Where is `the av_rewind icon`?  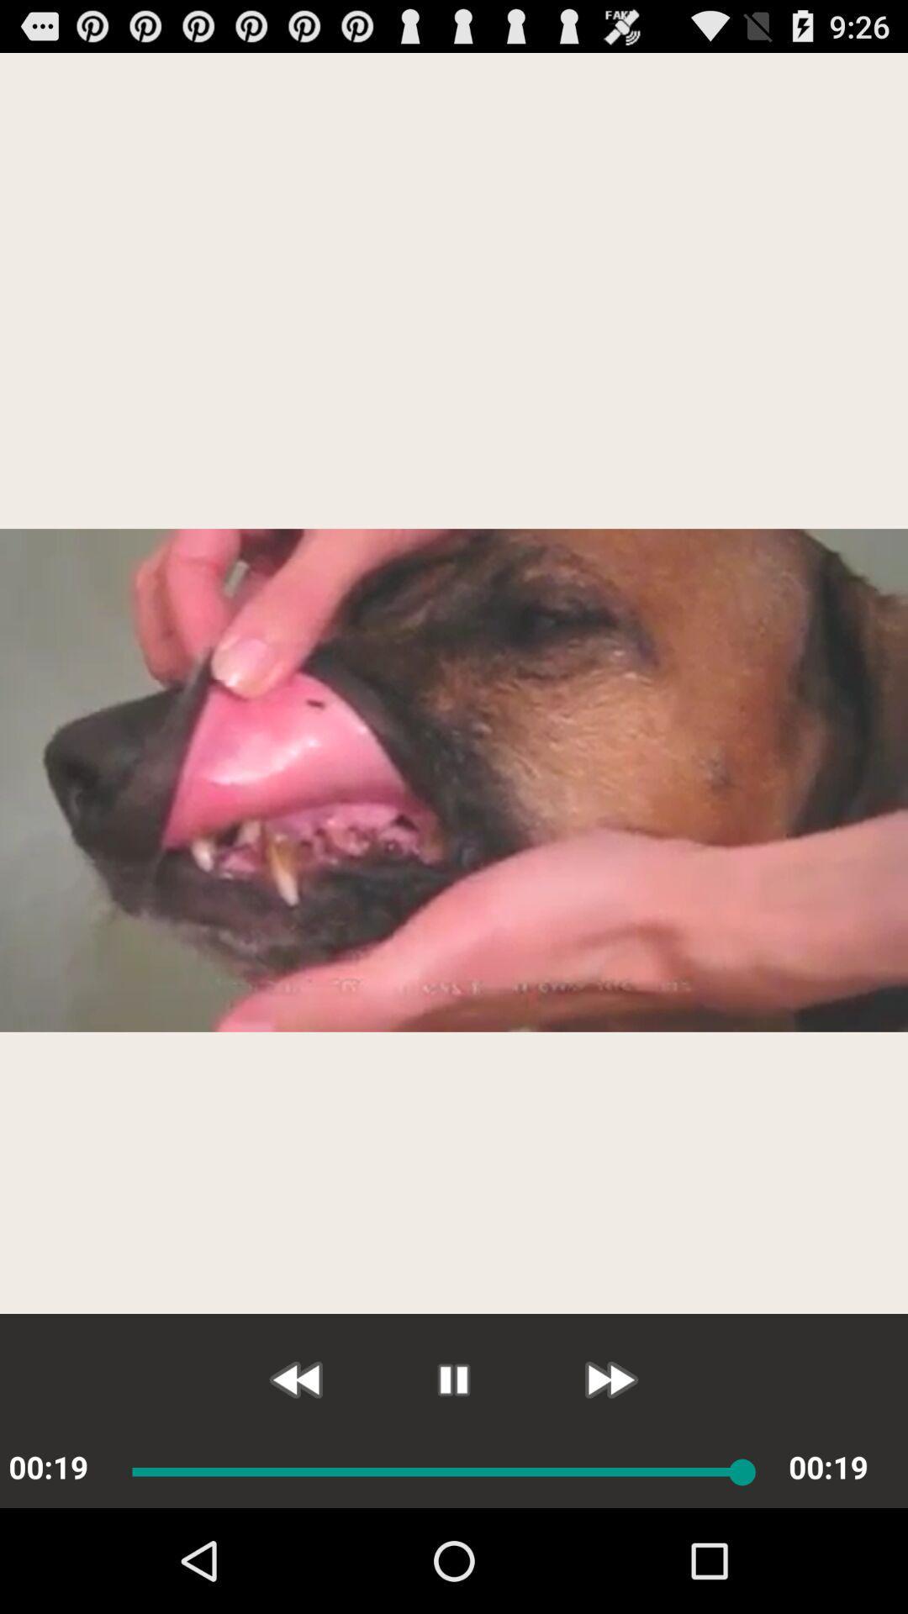 the av_rewind icon is located at coordinates (295, 1475).